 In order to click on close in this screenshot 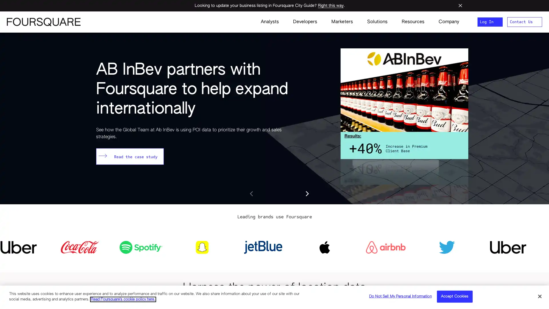, I will do `click(460, 5)`.